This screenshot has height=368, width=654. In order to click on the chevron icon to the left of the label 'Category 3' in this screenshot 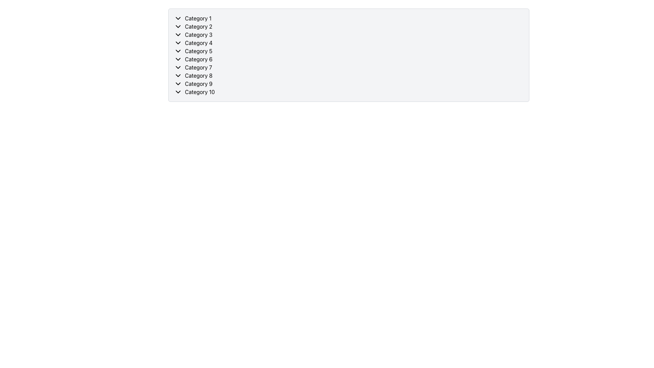, I will do `click(178, 34)`.